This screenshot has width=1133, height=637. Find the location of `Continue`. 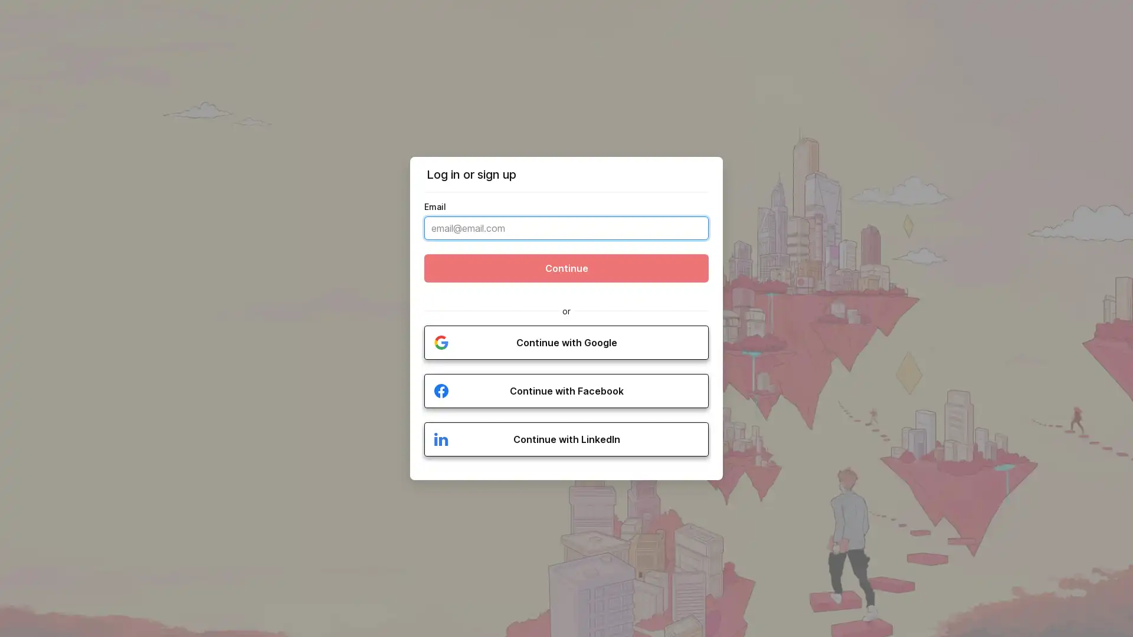

Continue is located at coordinates (566, 268).